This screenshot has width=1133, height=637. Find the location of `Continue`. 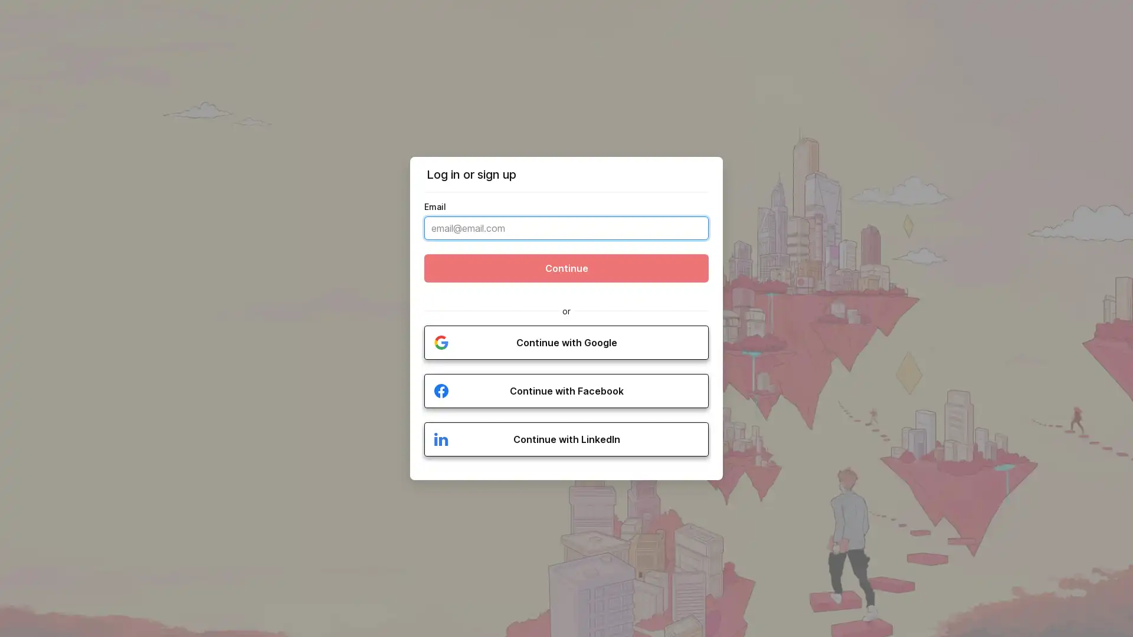

Continue is located at coordinates (566, 268).